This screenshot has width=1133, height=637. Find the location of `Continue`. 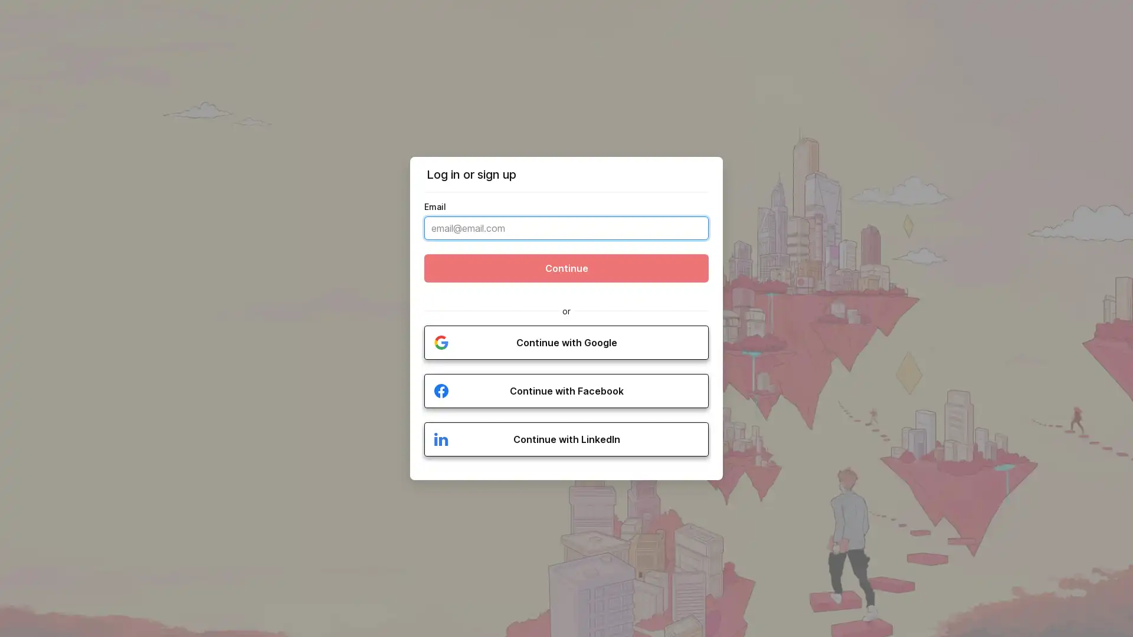

Continue is located at coordinates (566, 268).